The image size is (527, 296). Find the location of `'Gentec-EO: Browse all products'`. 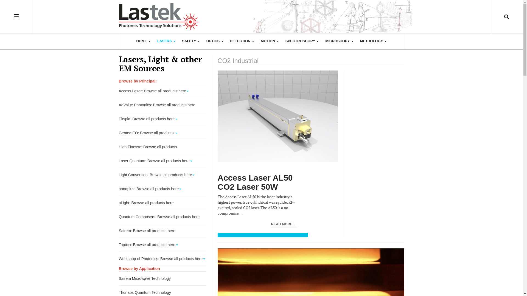

'Gentec-EO: Browse all products' is located at coordinates (162, 133).